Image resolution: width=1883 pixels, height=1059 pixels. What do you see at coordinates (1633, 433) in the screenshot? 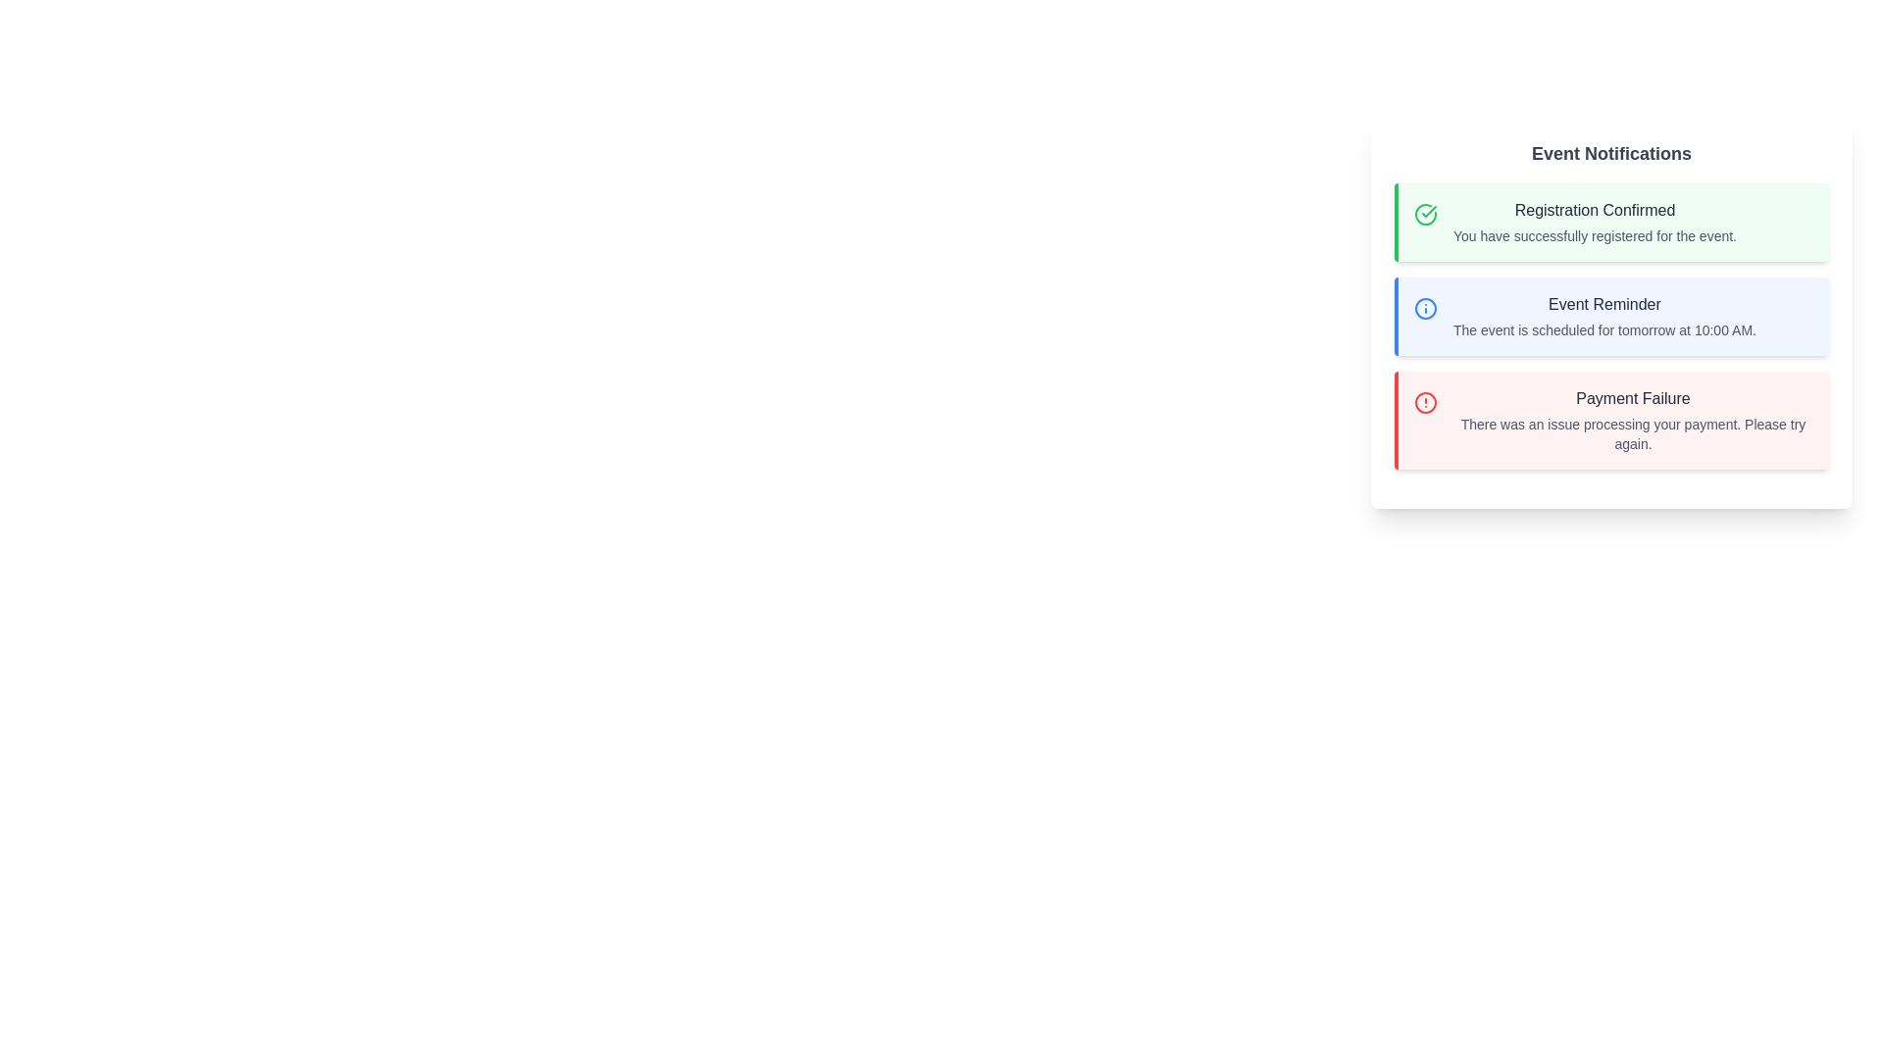
I see `the text label that states 'There was an issue processing your payment. Please try again.', which is styled with a smaller-sized, gray-colored font and positioned below the 'Payment Failure' heading` at bounding box center [1633, 433].